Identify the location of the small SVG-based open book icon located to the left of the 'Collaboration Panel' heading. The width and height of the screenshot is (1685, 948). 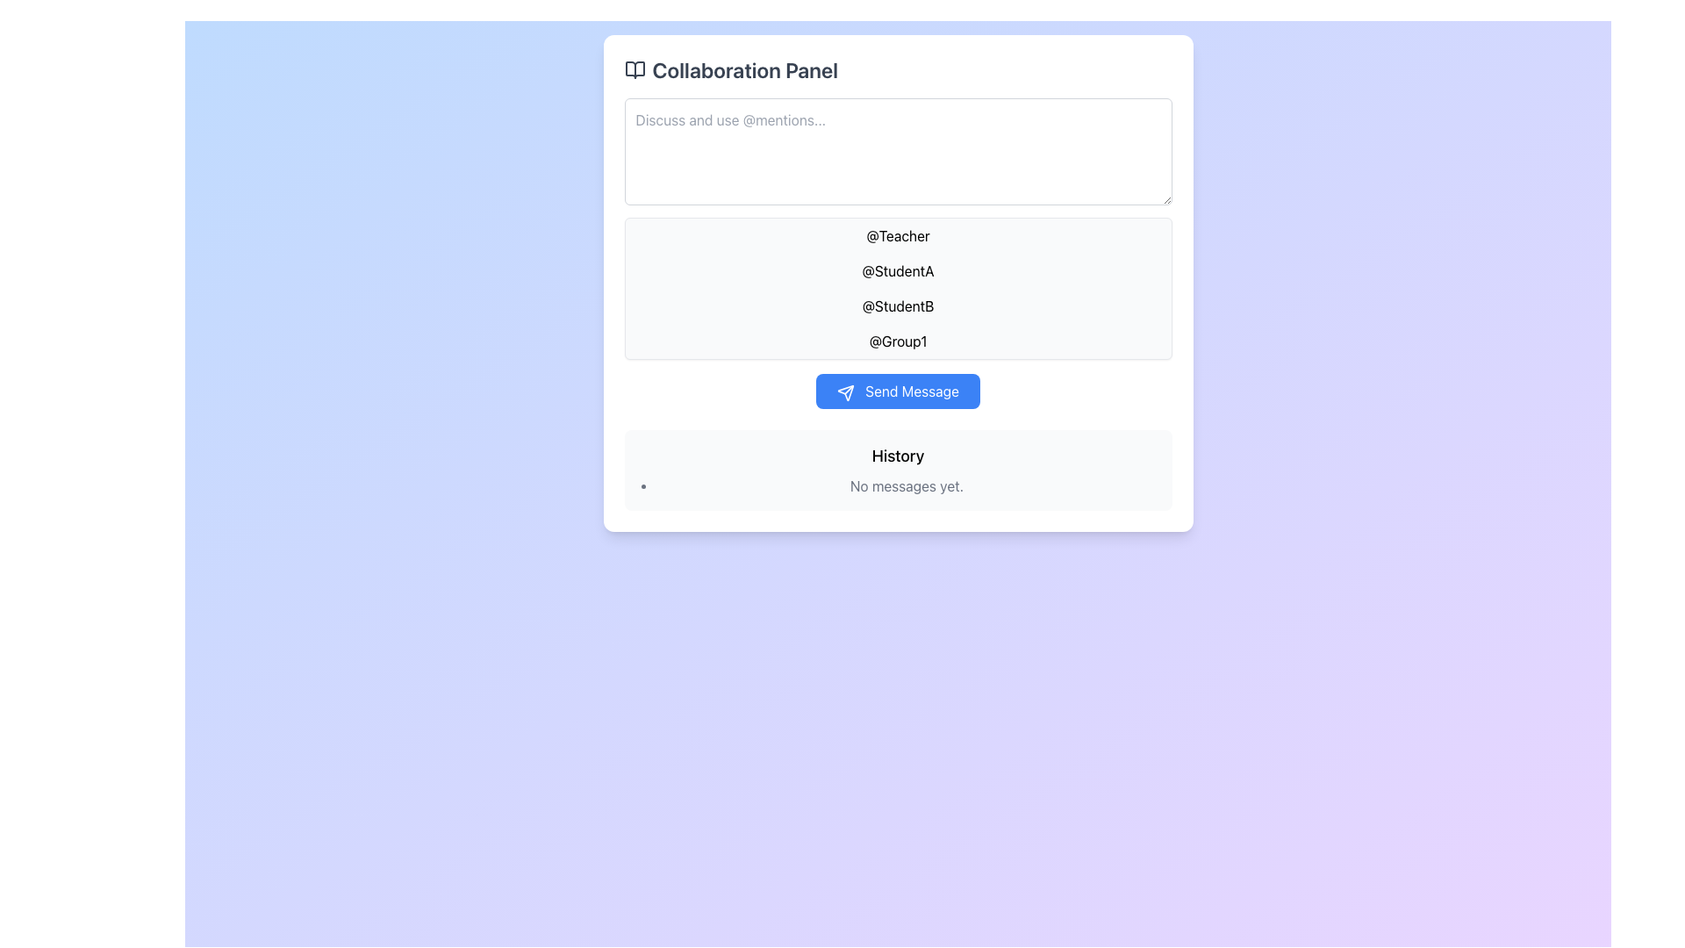
(634, 69).